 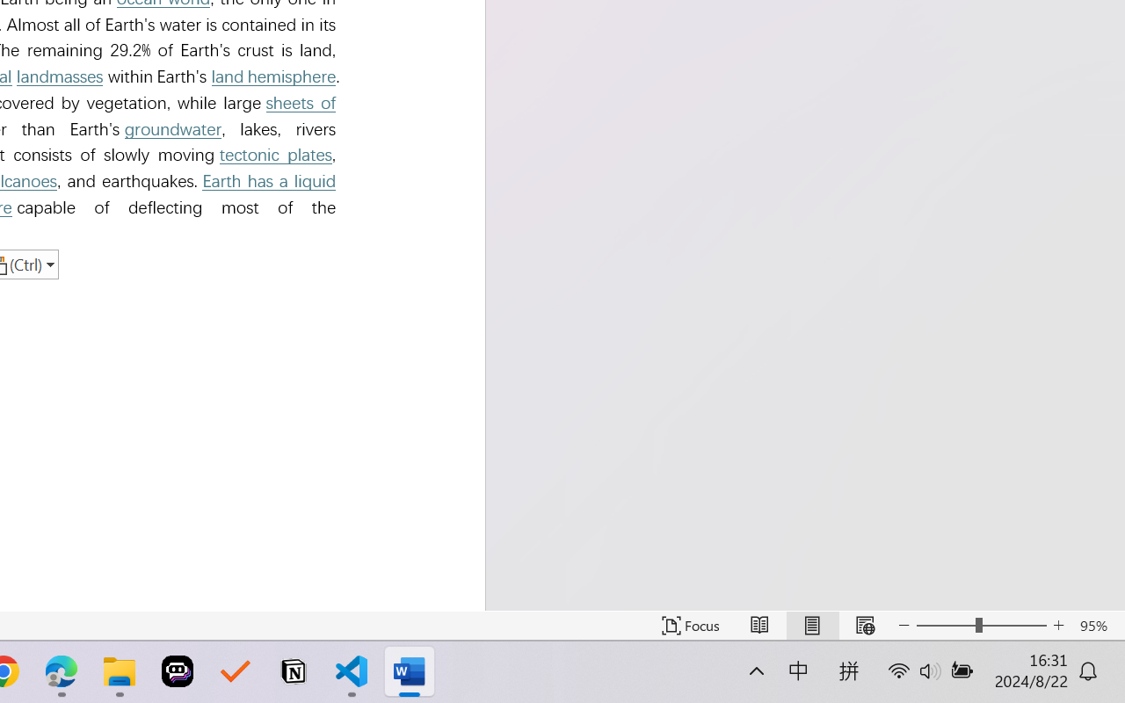 What do you see at coordinates (1097, 625) in the screenshot?
I see `'Zoom 95%'` at bounding box center [1097, 625].